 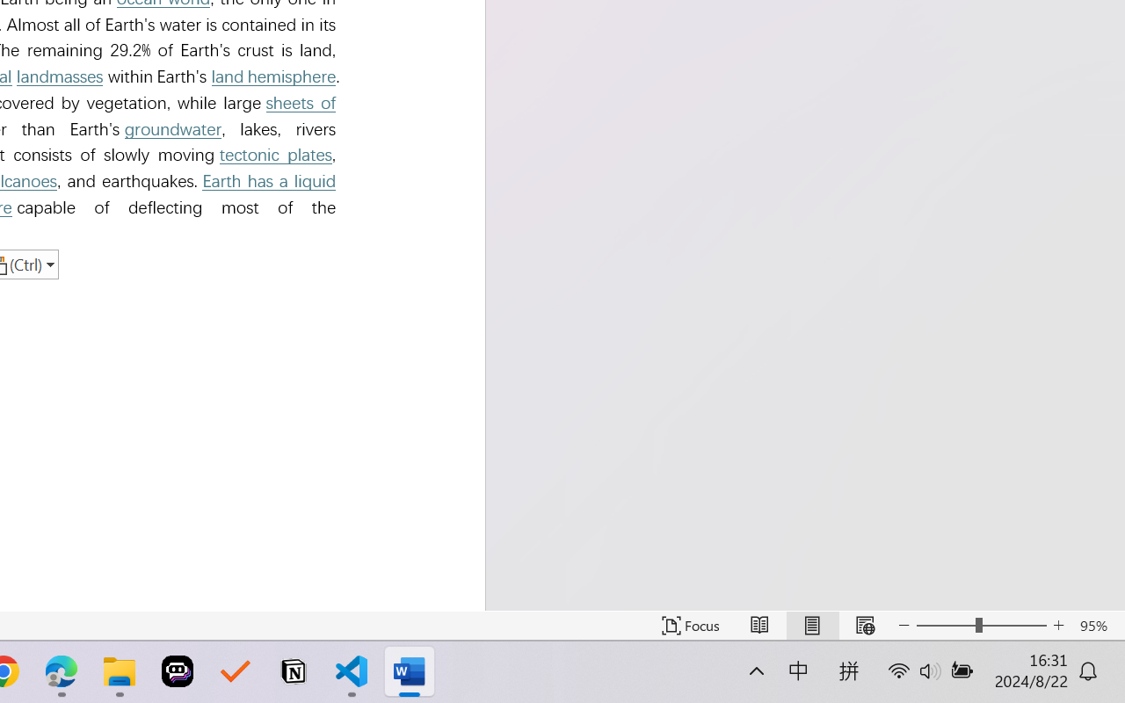 What do you see at coordinates (1097, 625) in the screenshot?
I see `'Zoom 95%'` at bounding box center [1097, 625].